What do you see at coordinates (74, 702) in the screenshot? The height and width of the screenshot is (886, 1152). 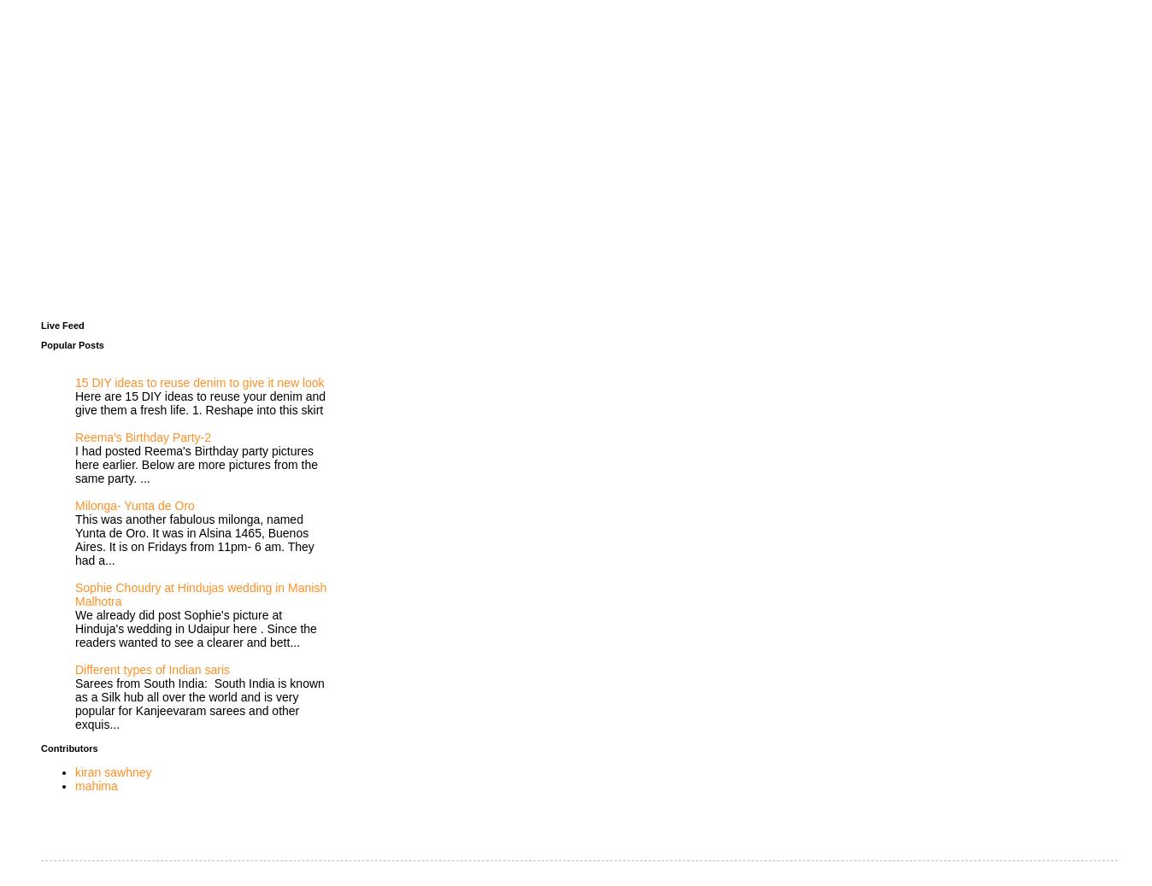 I see `'Sarees from South India:  South India is known as a Silk hub all over the world and is very popular for Kanjeevaram sarees and other exquis...'` at bounding box center [74, 702].